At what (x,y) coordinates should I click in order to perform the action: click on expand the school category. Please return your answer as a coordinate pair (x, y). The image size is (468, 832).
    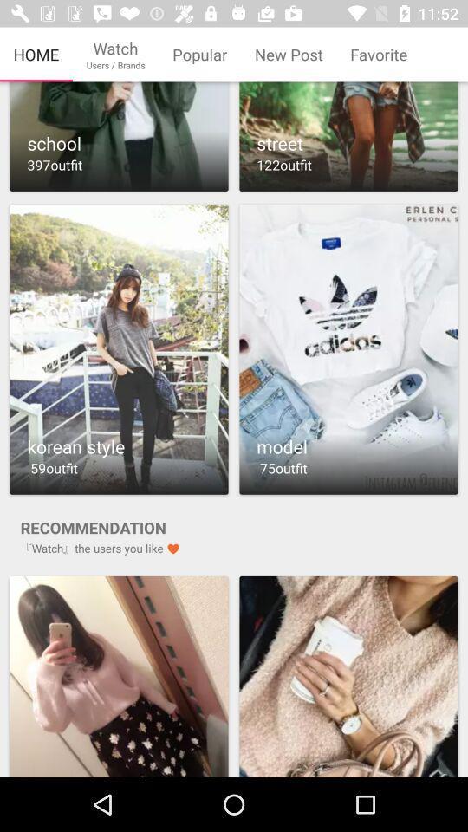
    Looking at the image, I should click on (118, 136).